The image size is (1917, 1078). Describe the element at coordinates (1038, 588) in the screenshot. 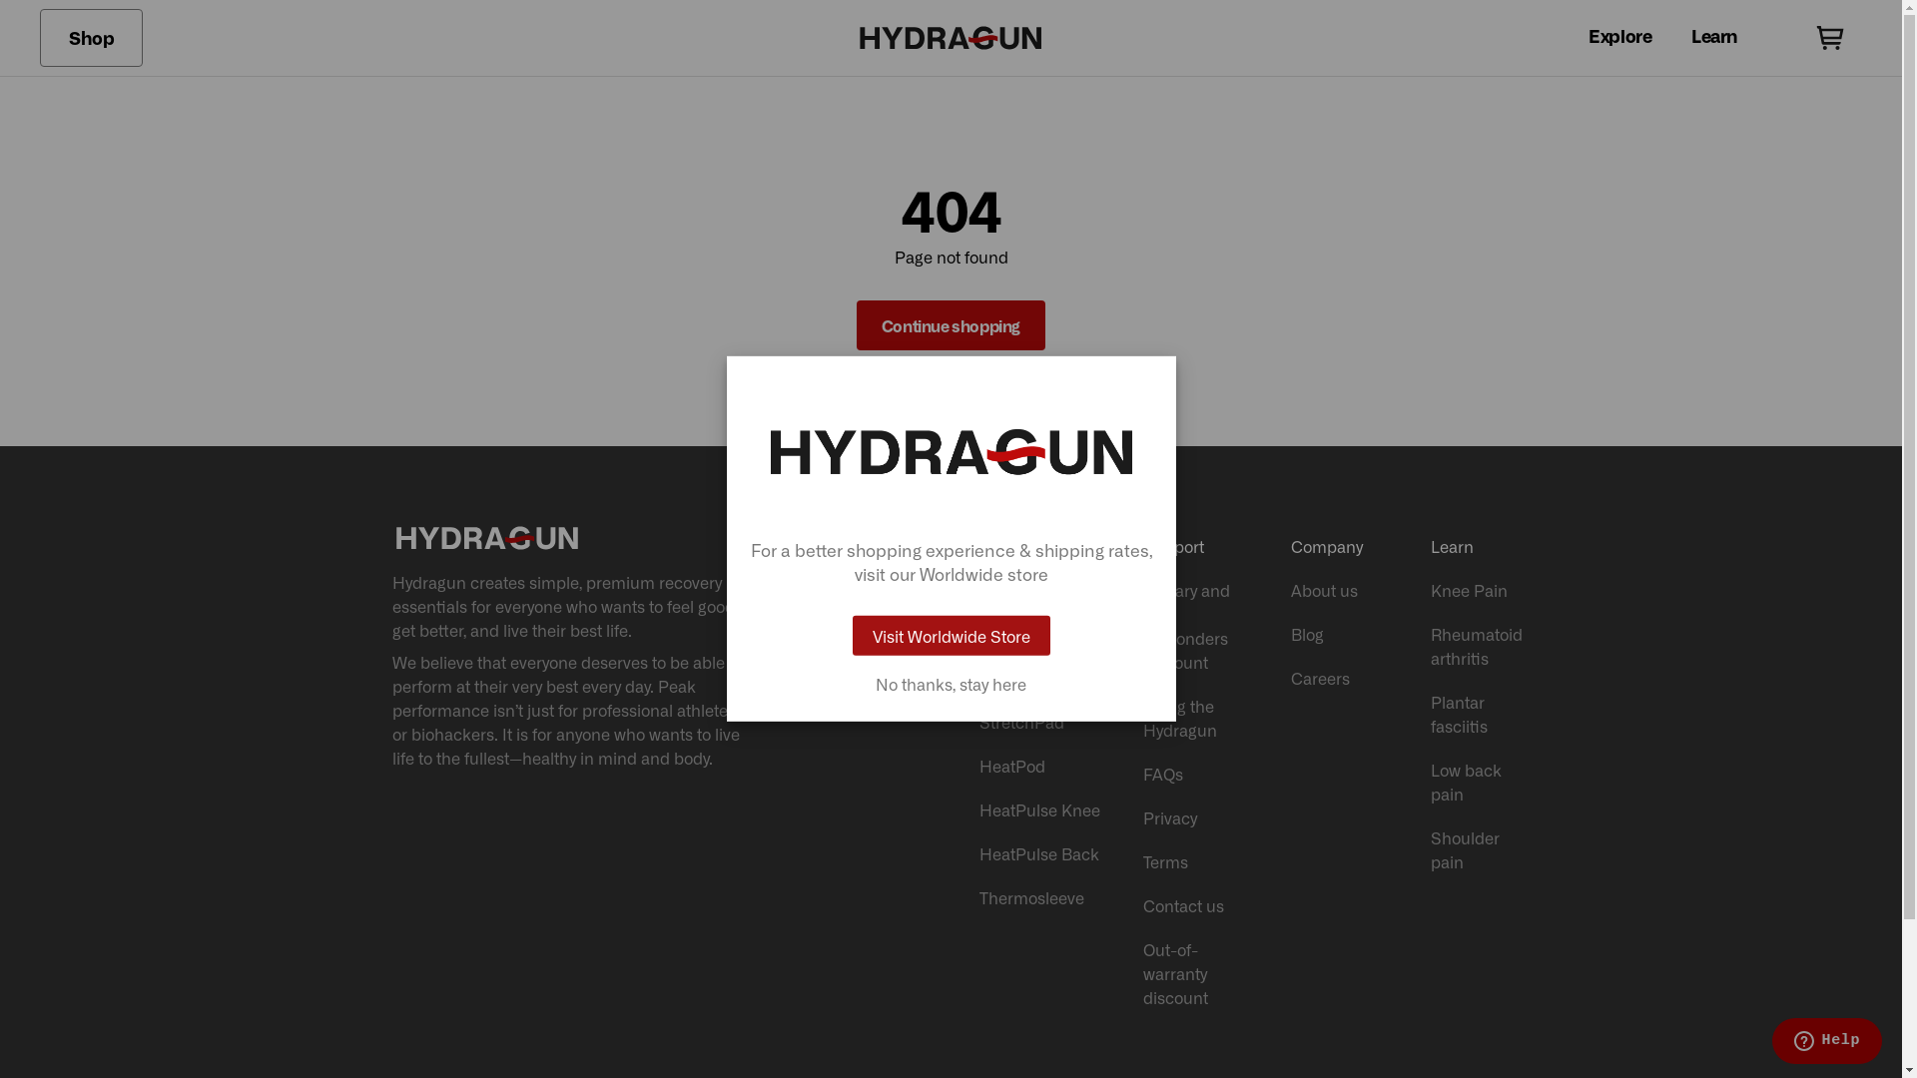

I see `'All products'` at that location.